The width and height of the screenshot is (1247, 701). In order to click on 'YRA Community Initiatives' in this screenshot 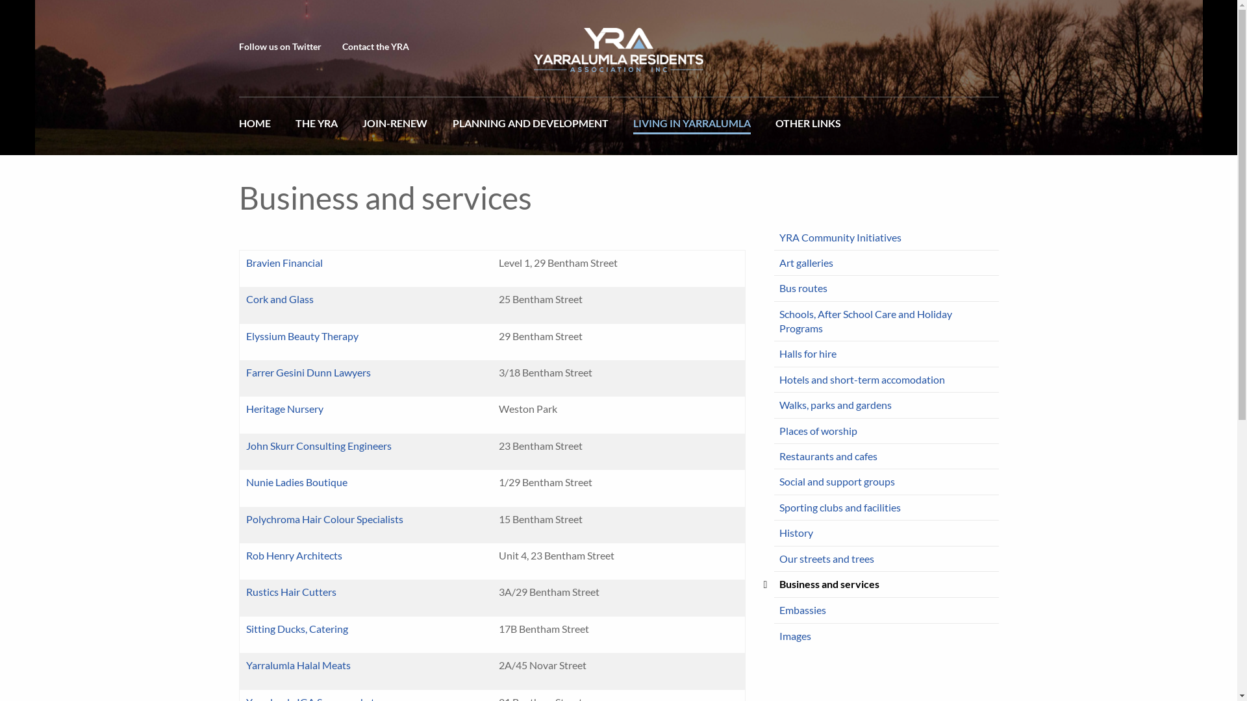, I will do `click(774, 238)`.